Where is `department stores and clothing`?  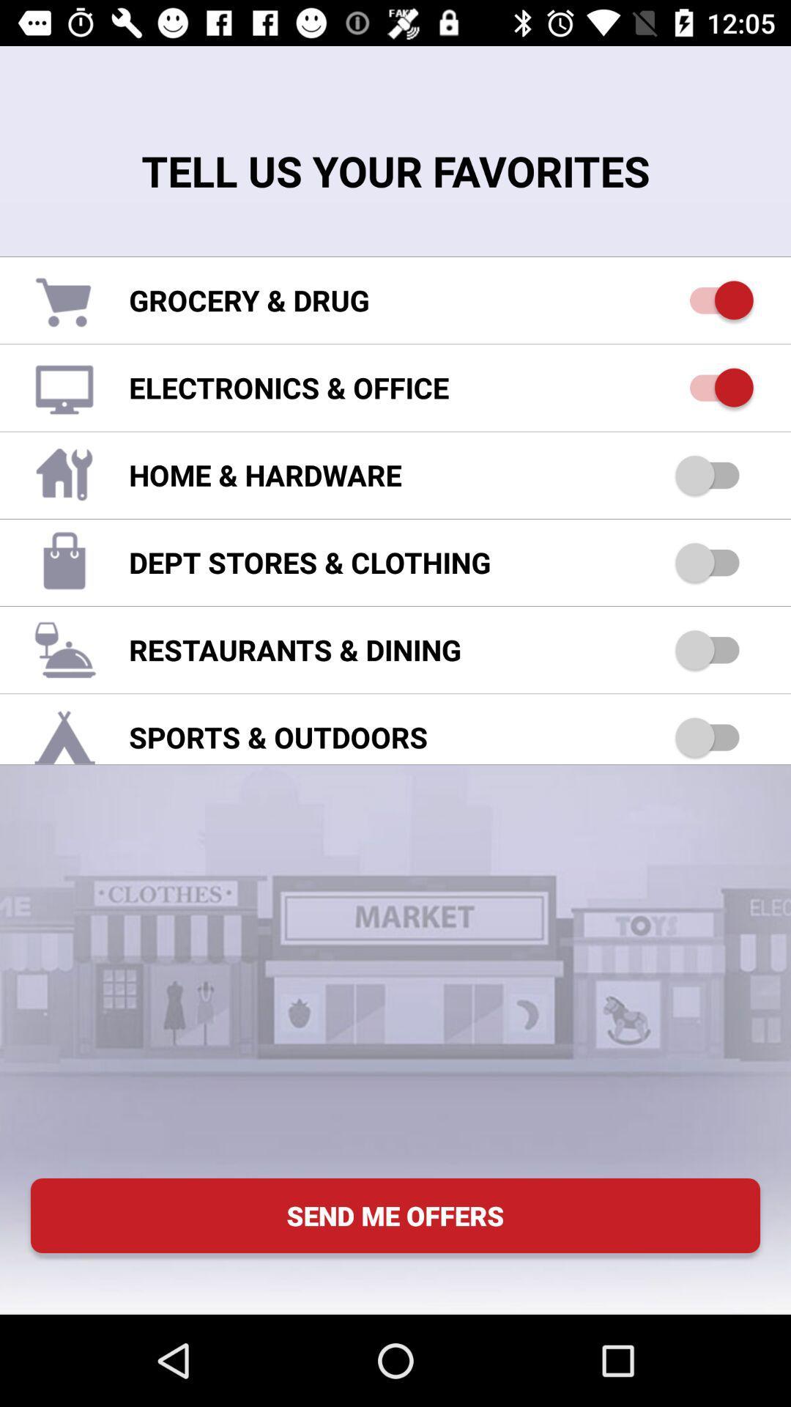 department stores and clothing is located at coordinates (713, 561).